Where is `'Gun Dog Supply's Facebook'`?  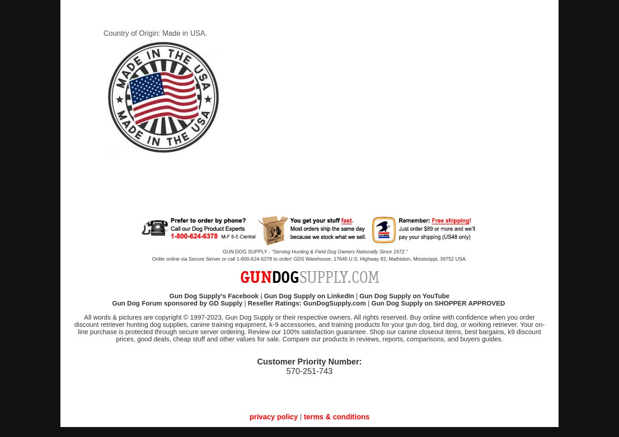 'Gun Dog Supply's Facebook' is located at coordinates (213, 296).